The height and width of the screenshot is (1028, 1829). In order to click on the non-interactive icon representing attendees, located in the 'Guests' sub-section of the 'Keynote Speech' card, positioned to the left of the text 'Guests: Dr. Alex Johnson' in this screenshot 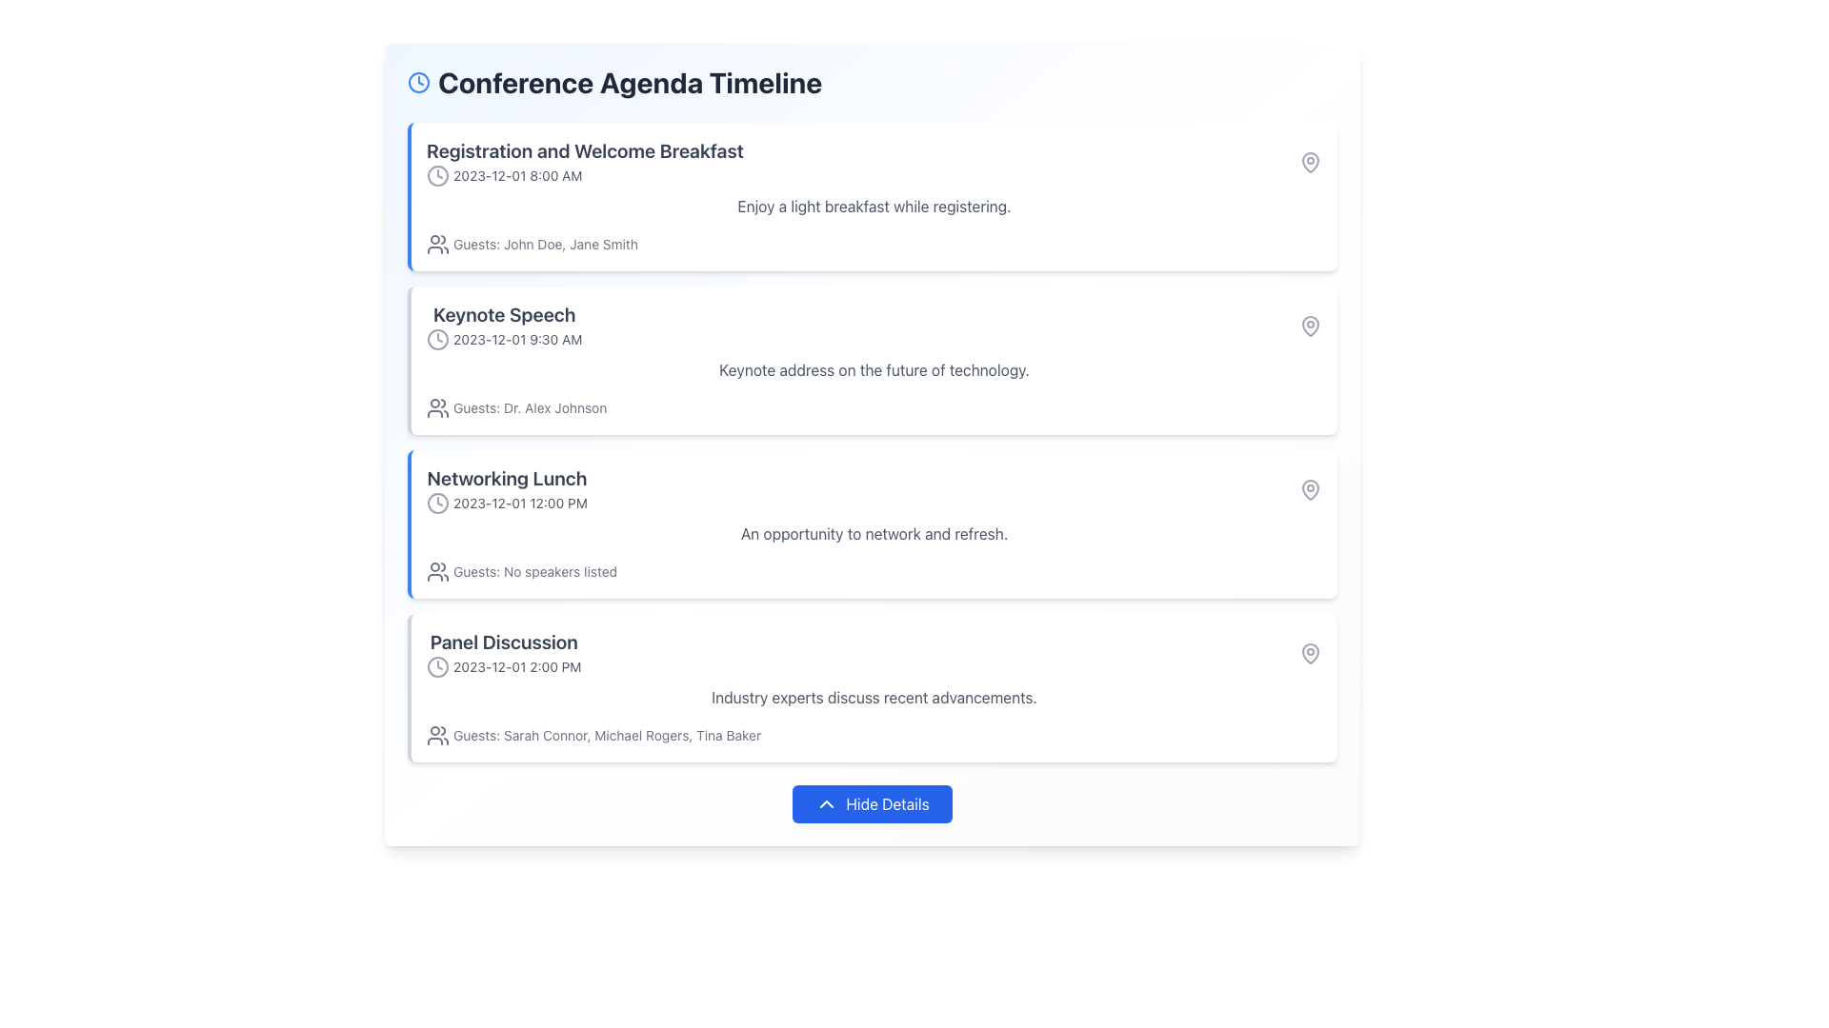, I will do `click(437, 406)`.